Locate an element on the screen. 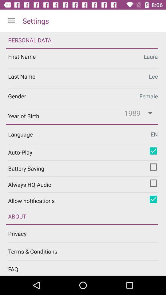 The width and height of the screenshot is (166, 295). check the always hq audio option on is located at coordinates (153, 183).